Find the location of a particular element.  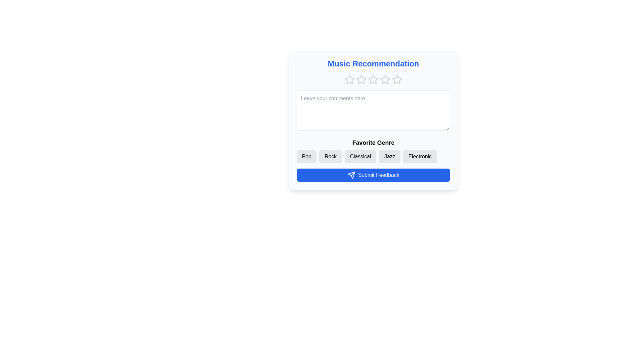

the second star icon in the rating system located below 'Music Recommendation' is located at coordinates (361, 79).